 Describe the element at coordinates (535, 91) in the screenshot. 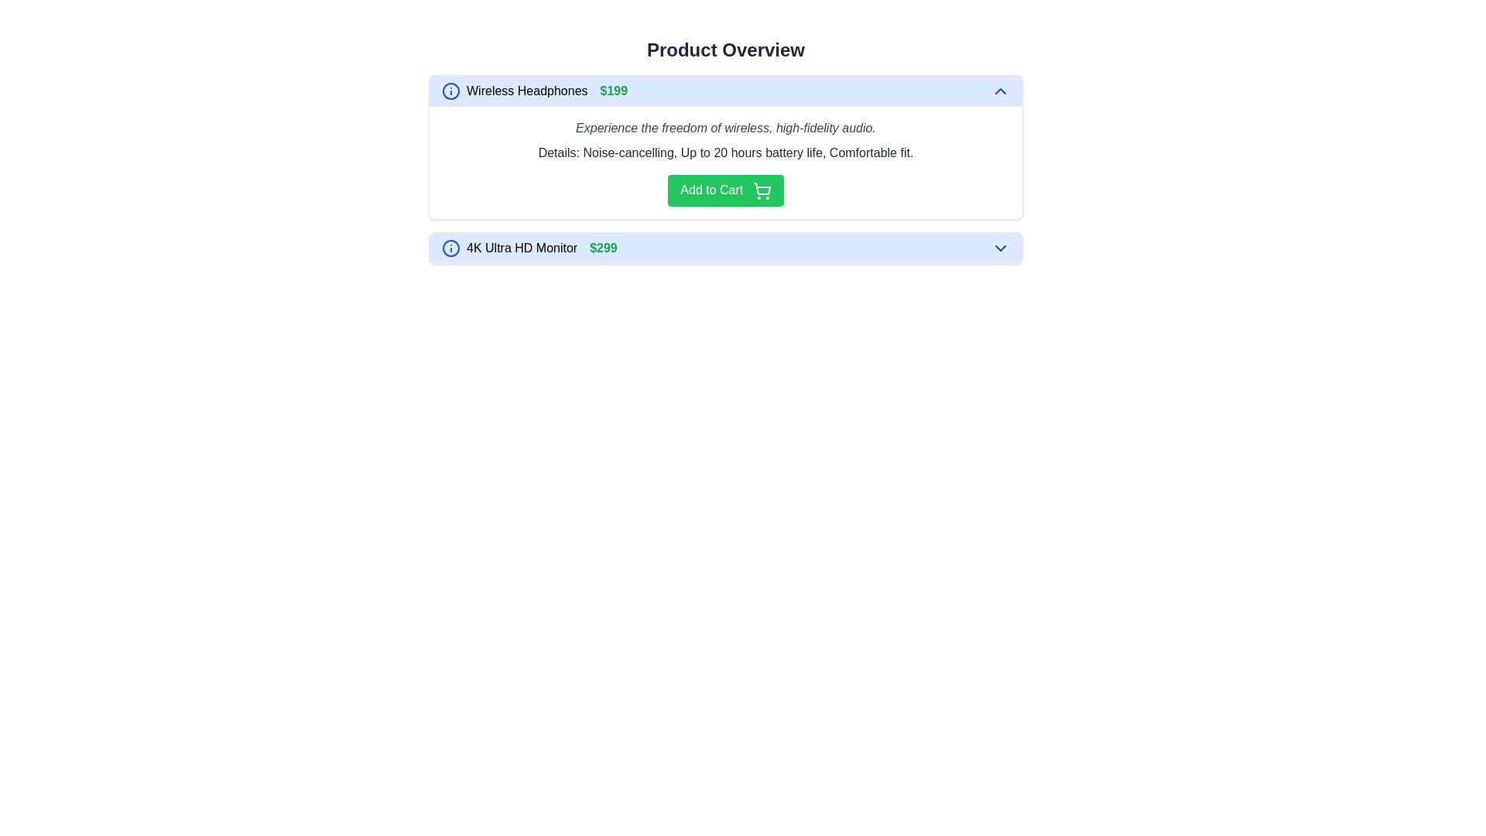

I see `the 'Wireless Headphones $199' text-based component with an associated blue icon, located in the 'Product Overview' section` at that location.